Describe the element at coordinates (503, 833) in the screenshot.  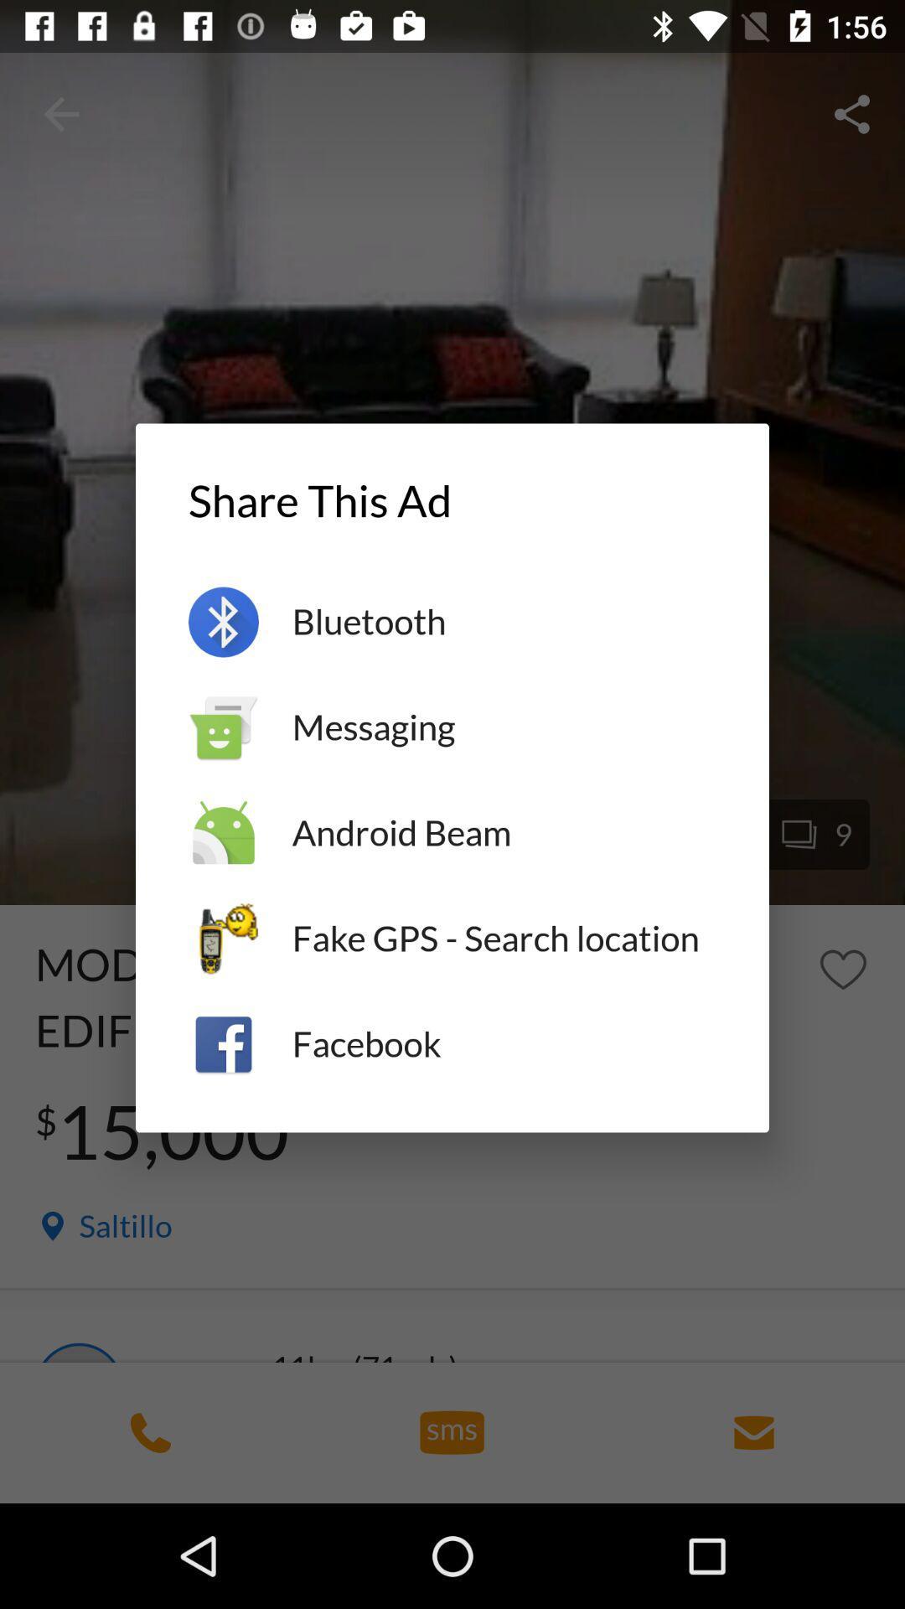
I see `the item below messaging` at that location.